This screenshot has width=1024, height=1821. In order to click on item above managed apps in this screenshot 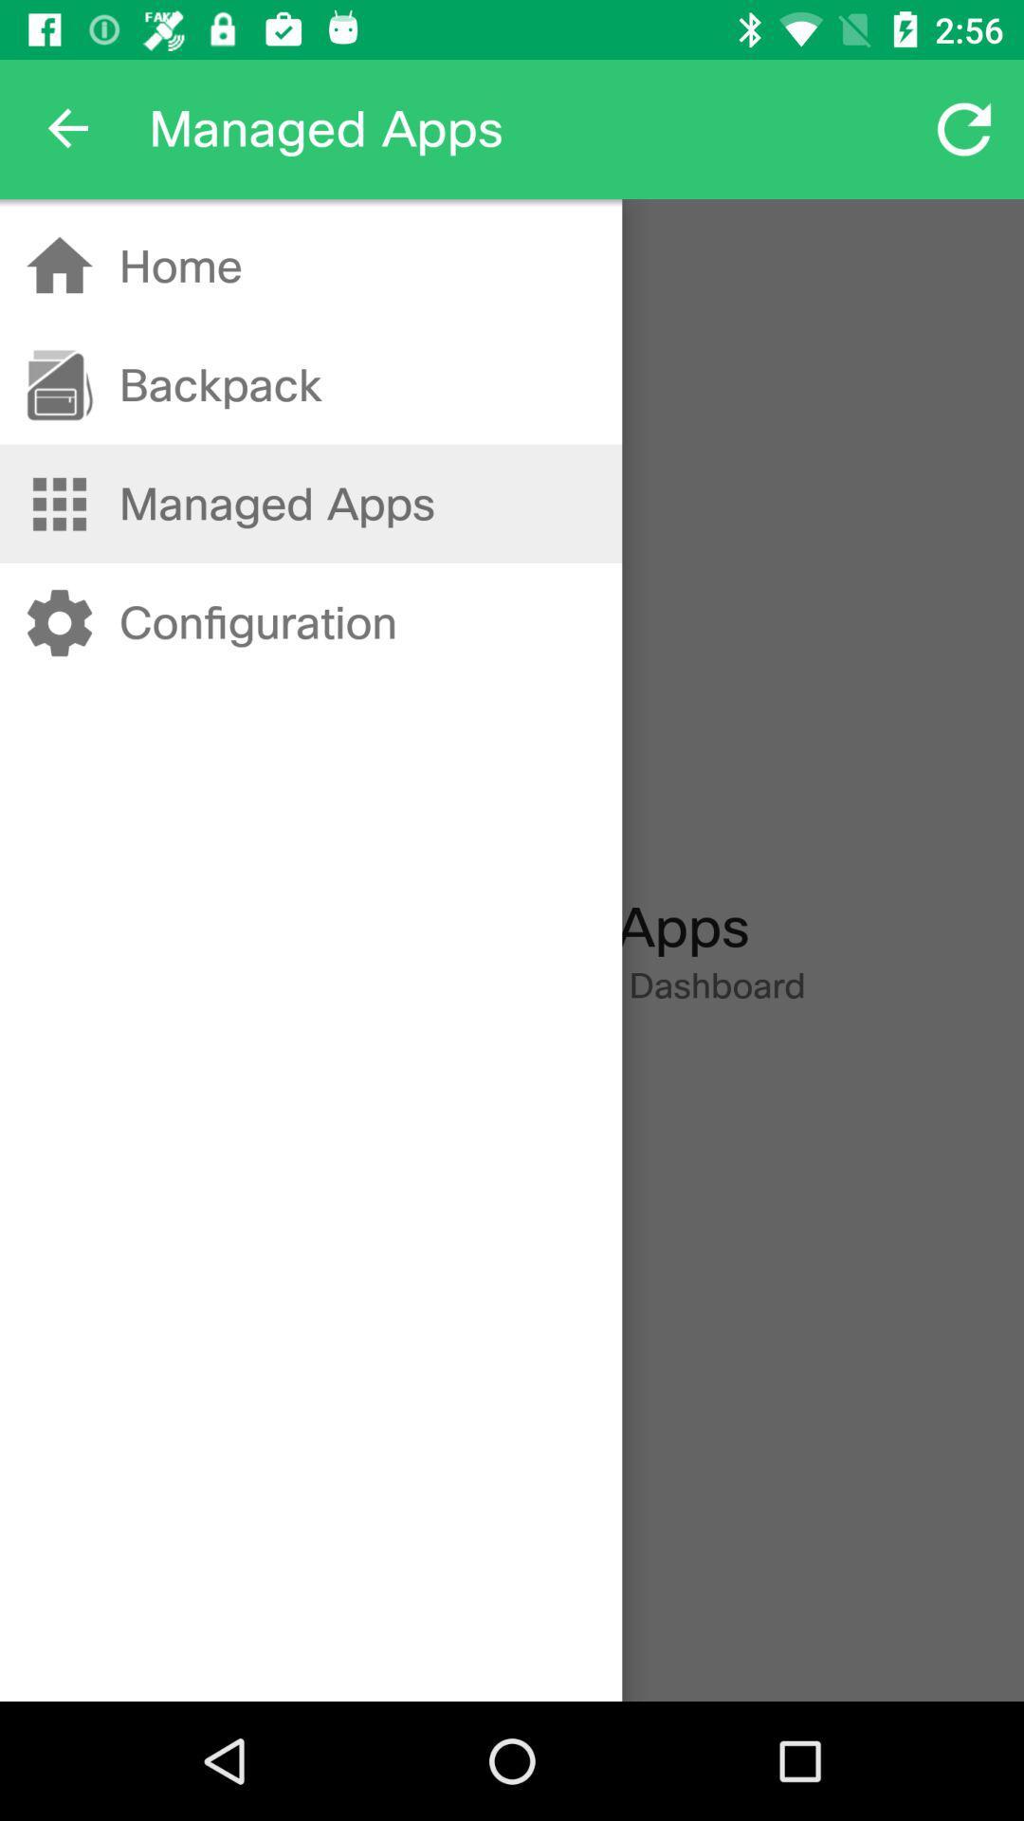, I will do `click(219, 384)`.